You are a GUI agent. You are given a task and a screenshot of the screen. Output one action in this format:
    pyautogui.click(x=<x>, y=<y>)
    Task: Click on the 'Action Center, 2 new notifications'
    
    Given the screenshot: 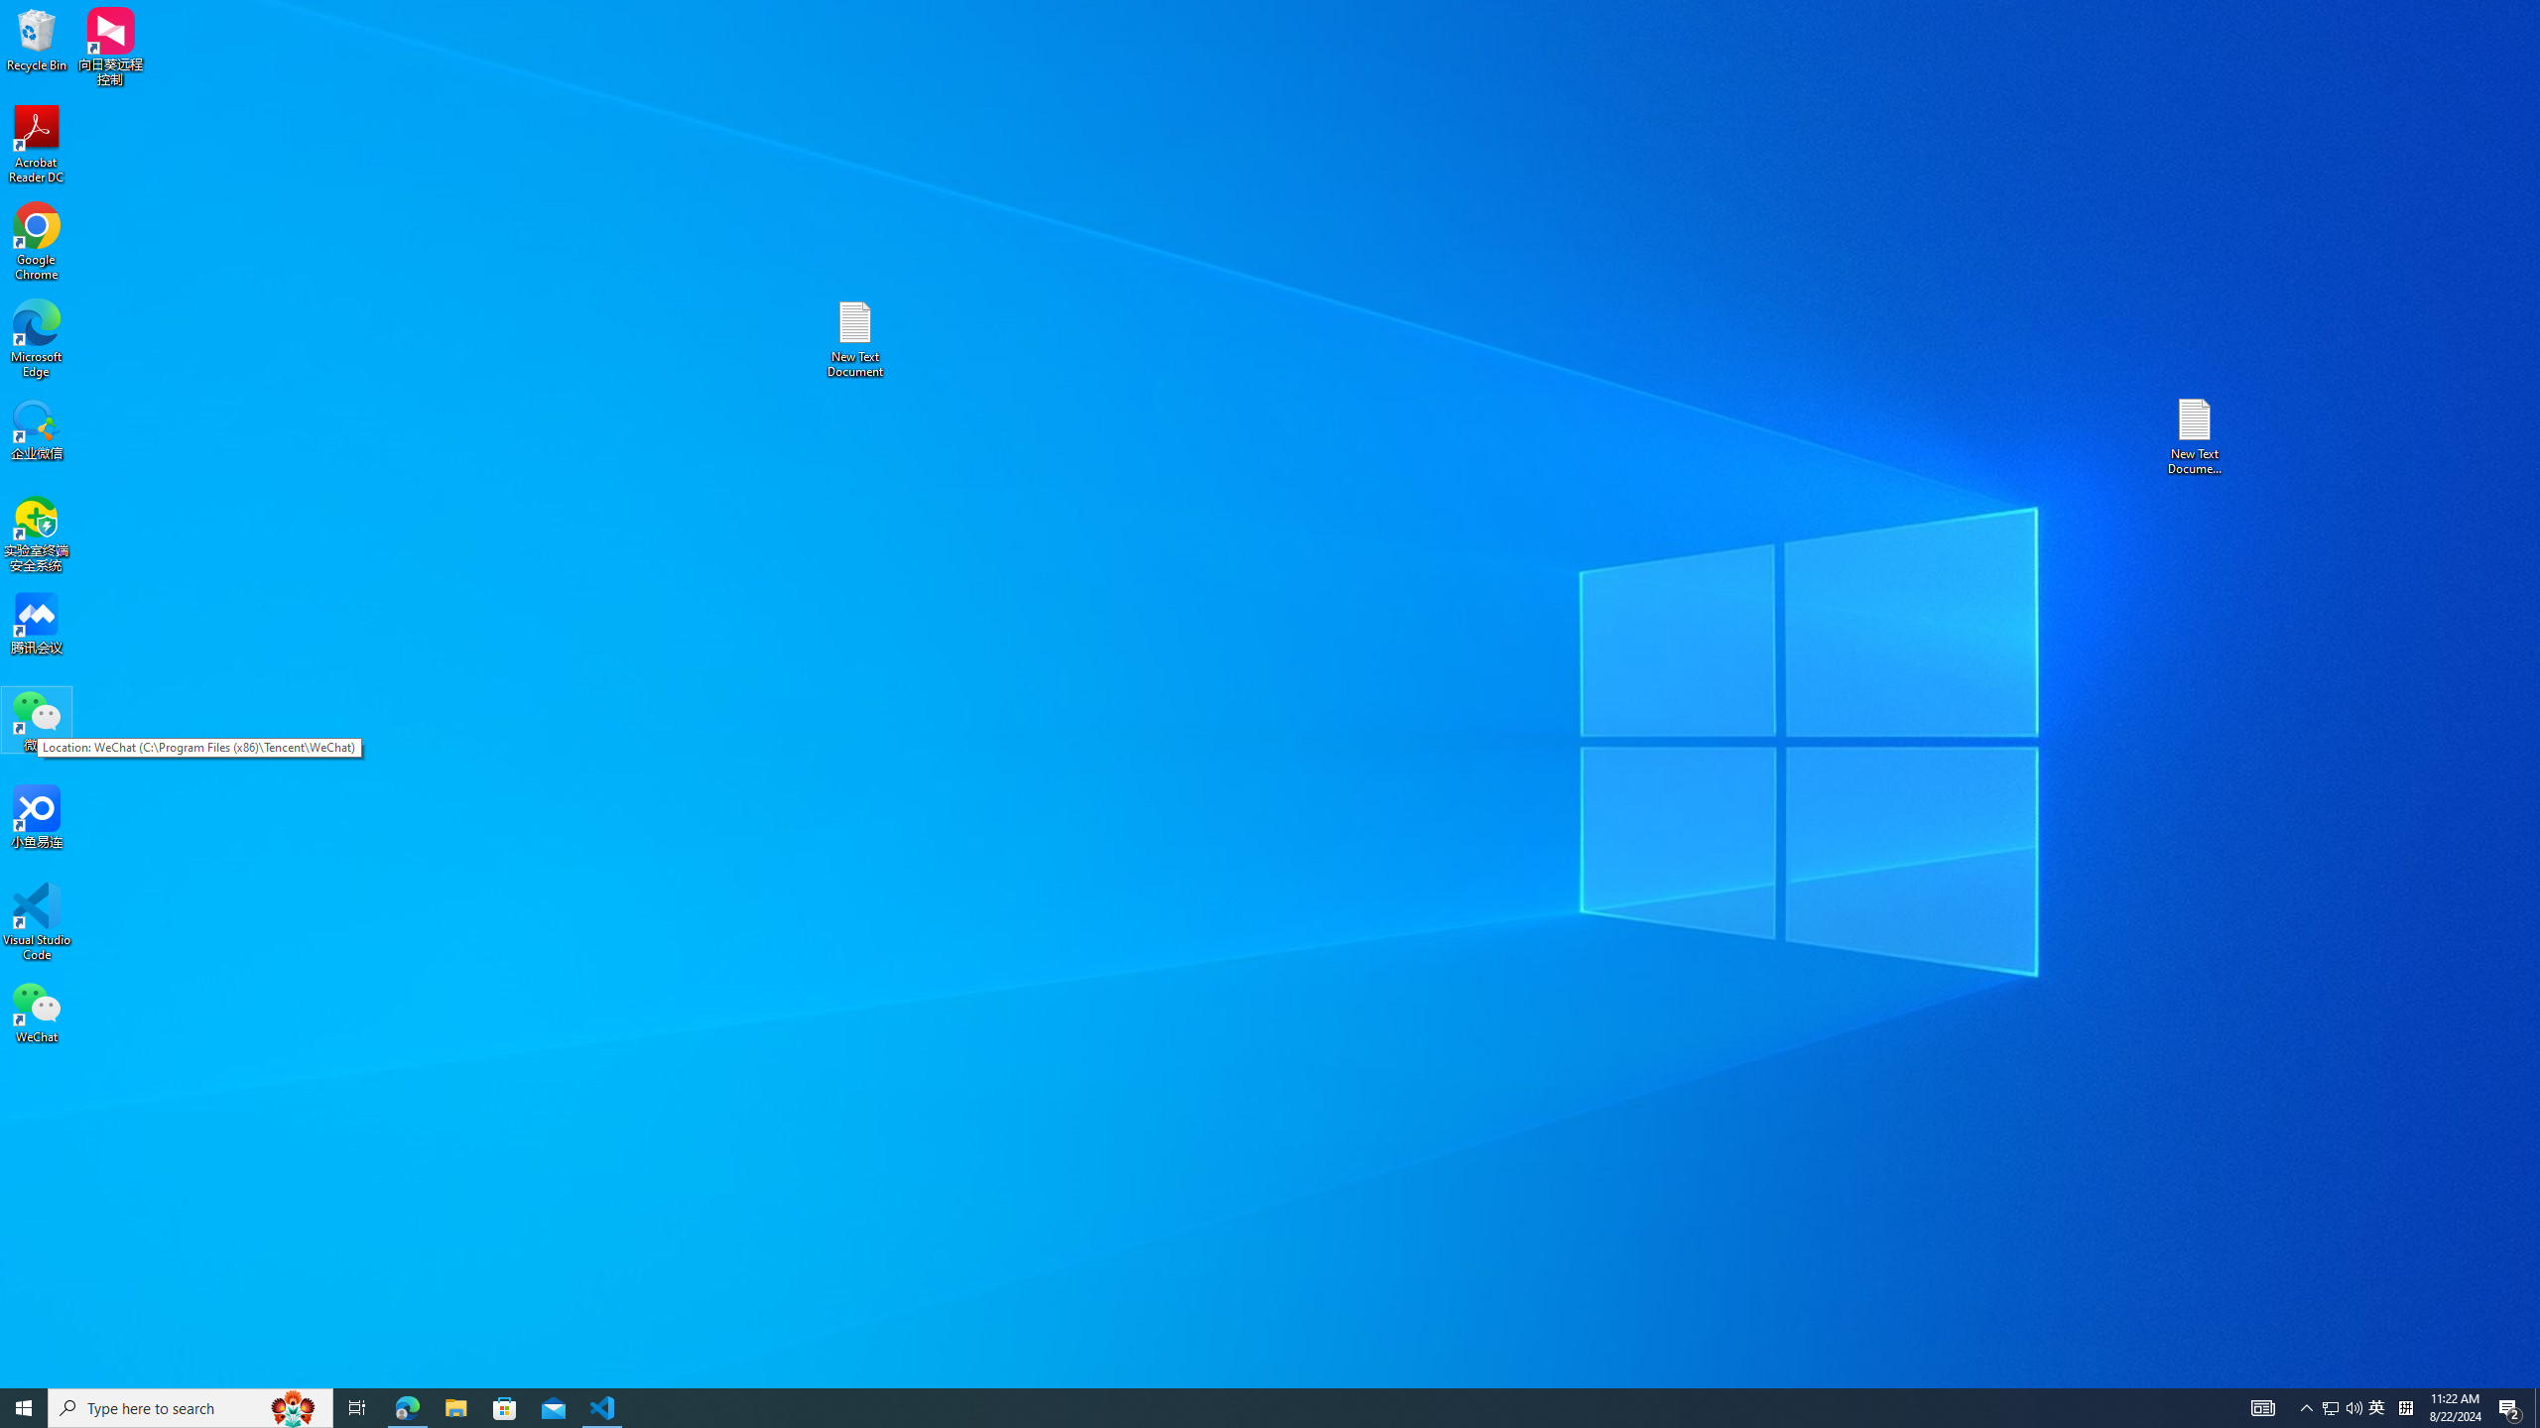 What is the action you would take?
    pyautogui.click(x=2510, y=1406)
    